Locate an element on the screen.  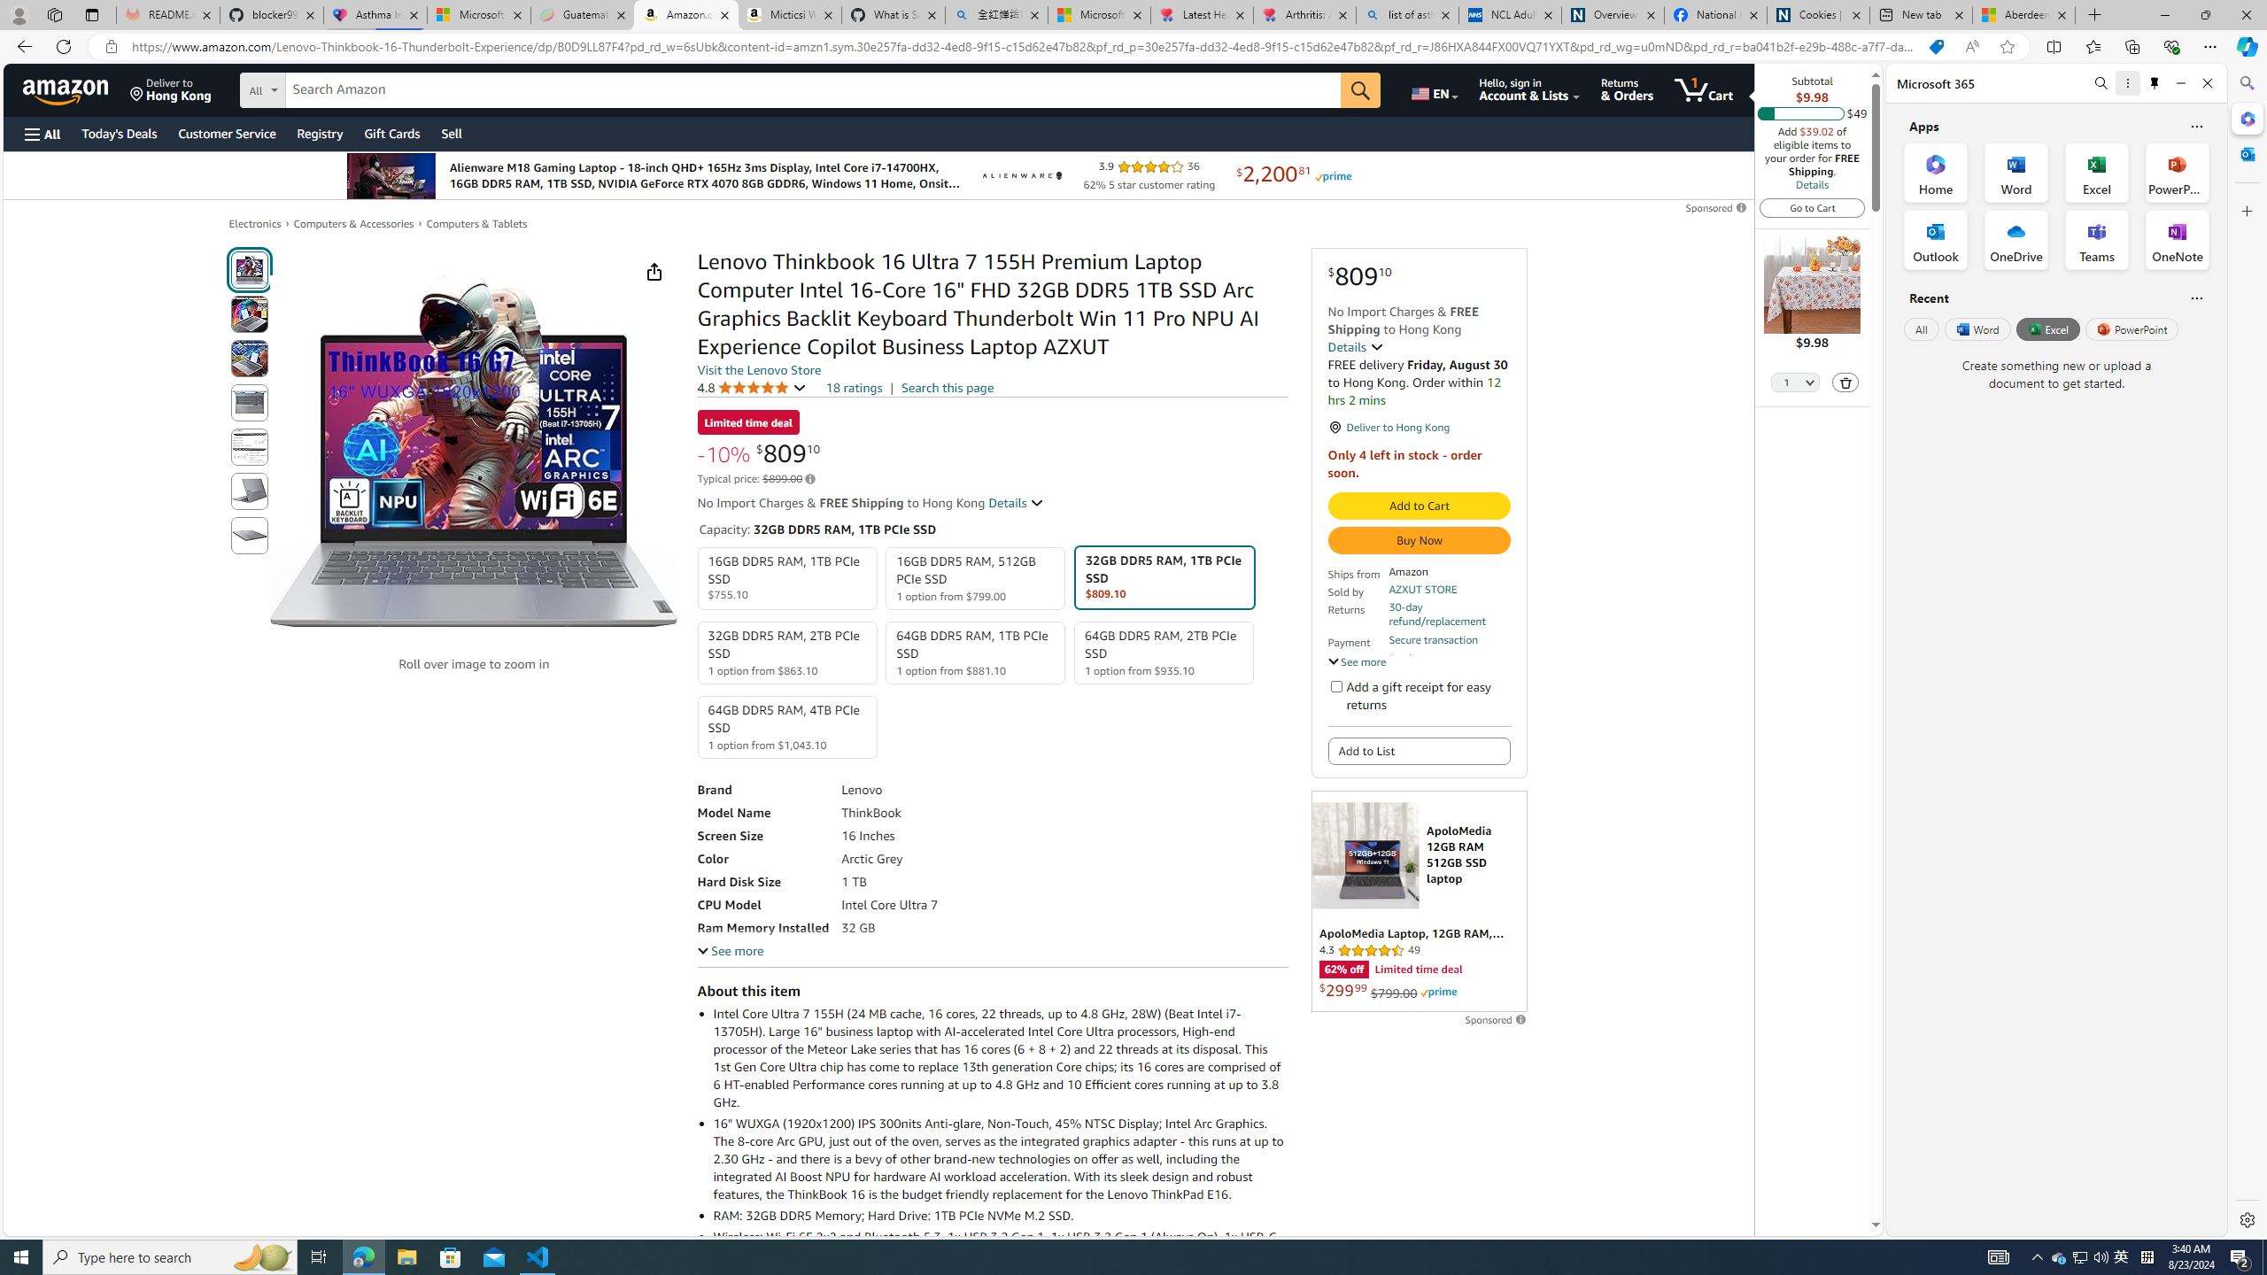
'16GB DDR5 RAM, 512GB PCIe SSD 1 option from $799.00' is located at coordinates (975, 577).